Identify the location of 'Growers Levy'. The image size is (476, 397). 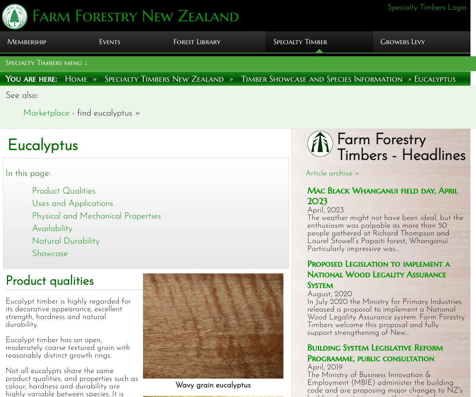
(402, 42).